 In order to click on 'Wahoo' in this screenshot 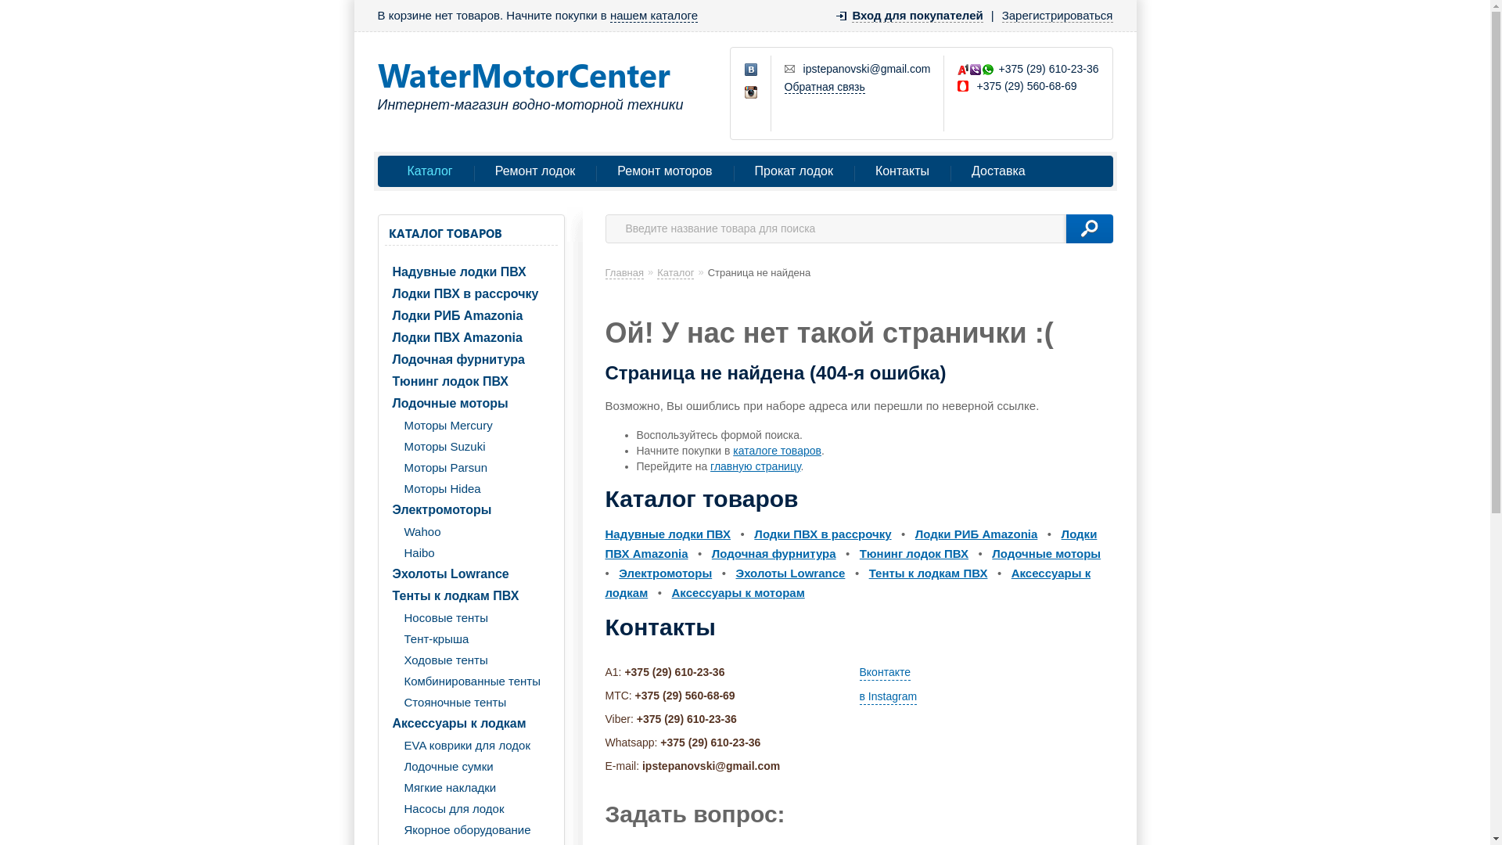, I will do `click(470, 530)`.